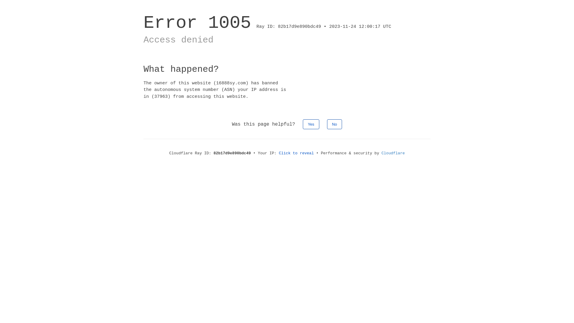 The image size is (574, 323). Describe the element at coordinates (334, 124) in the screenshot. I see `'No'` at that location.